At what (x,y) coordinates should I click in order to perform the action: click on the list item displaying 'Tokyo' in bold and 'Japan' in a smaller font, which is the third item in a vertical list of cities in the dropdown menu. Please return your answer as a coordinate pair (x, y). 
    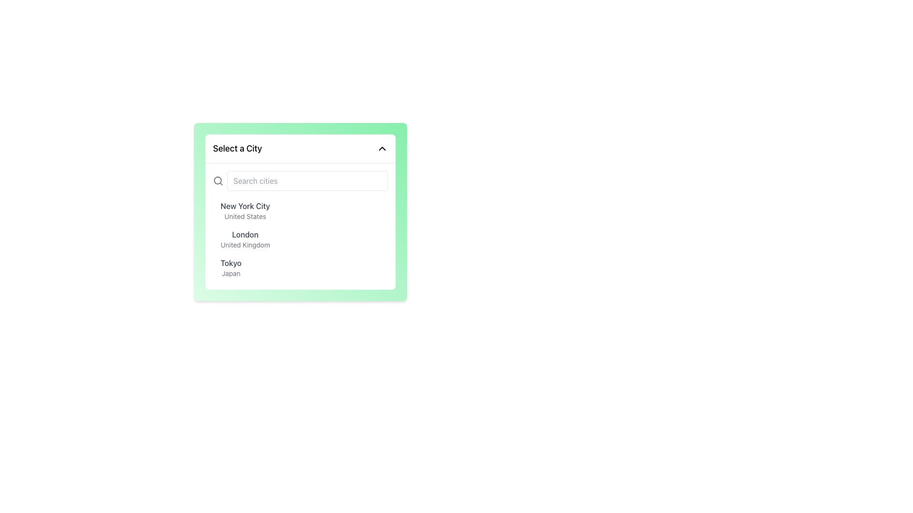
    Looking at the image, I should click on (300, 267).